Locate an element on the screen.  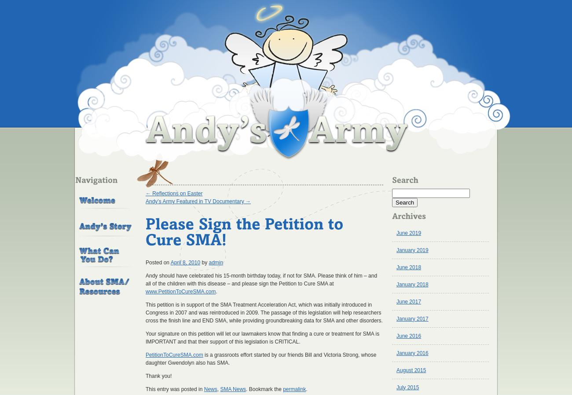
'June 2019' is located at coordinates (408, 232).